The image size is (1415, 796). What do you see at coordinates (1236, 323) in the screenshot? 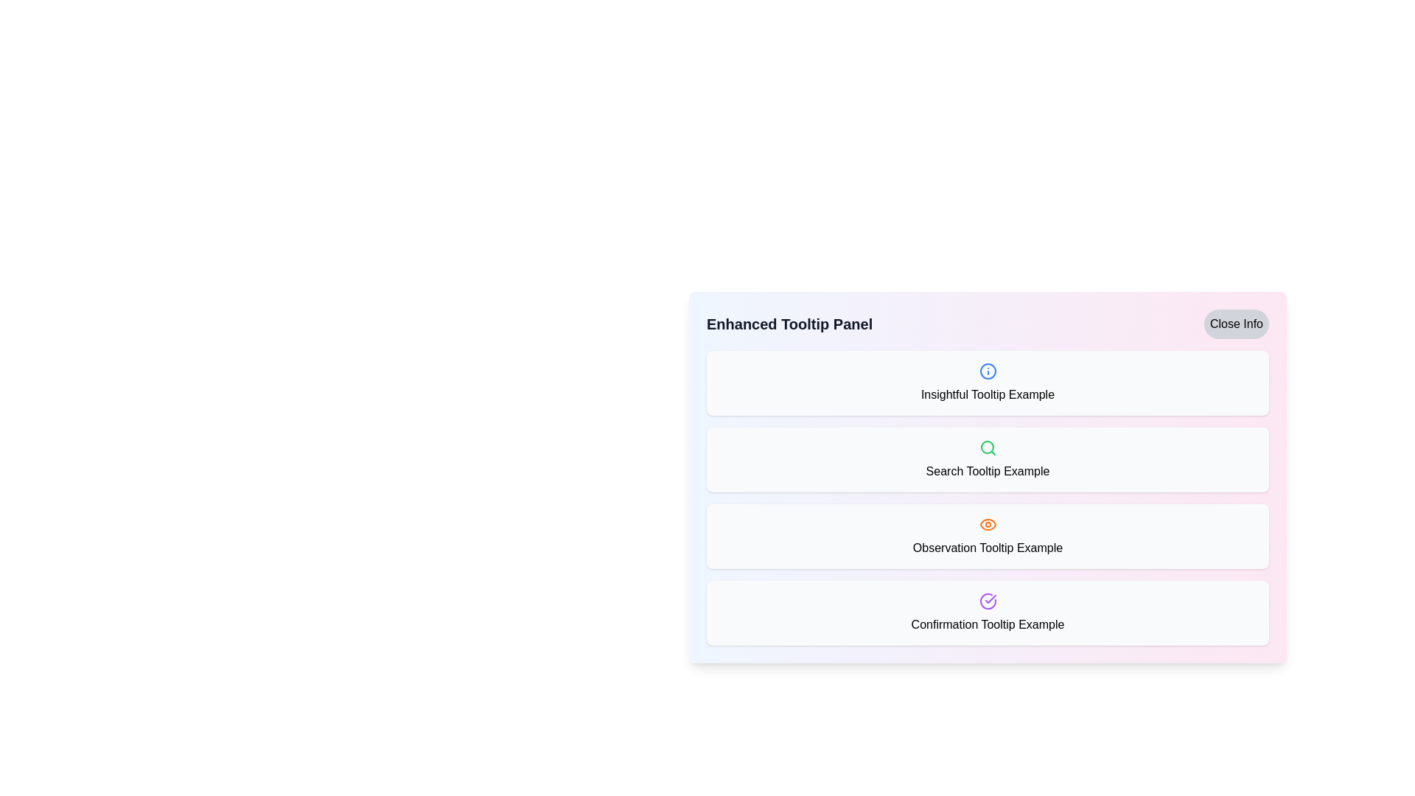
I see `the 'Close Info' button, which is a rounded rectangular button with a gray background and black text, located in the top right corner of the 'Enhanced Tooltip Panel'` at bounding box center [1236, 323].